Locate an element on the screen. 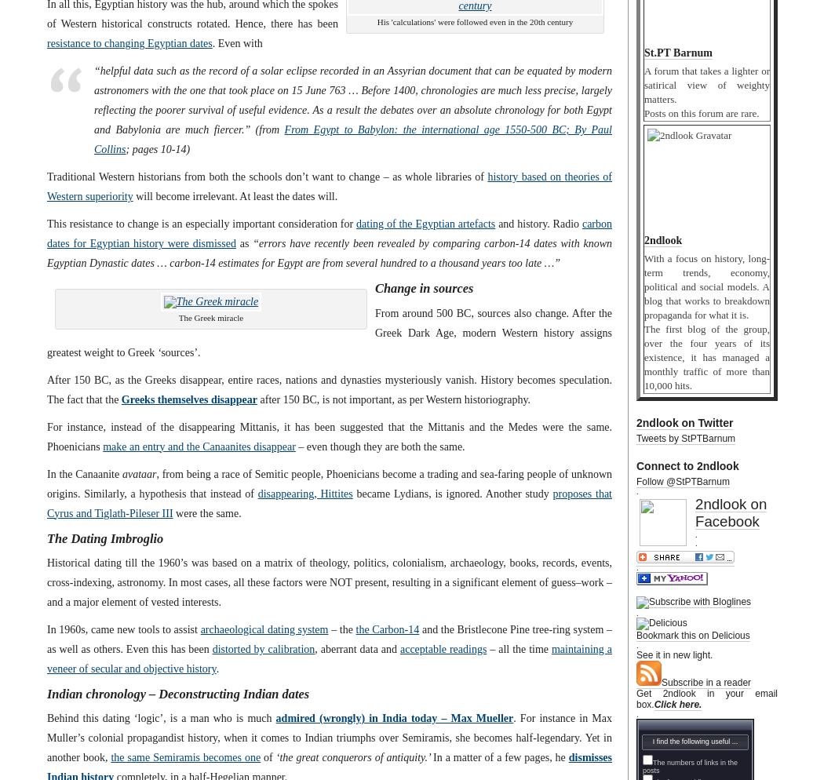 This screenshot has height=780, width=824. 'acceptable readings' is located at coordinates (442, 647).